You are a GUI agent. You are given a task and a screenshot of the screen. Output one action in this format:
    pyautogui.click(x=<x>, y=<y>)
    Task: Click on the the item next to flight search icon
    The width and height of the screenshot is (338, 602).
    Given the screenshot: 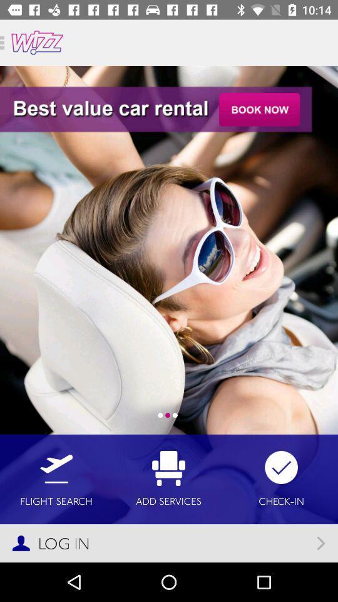 What is the action you would take?
    pyautogui.click(x=168, y=478)
    